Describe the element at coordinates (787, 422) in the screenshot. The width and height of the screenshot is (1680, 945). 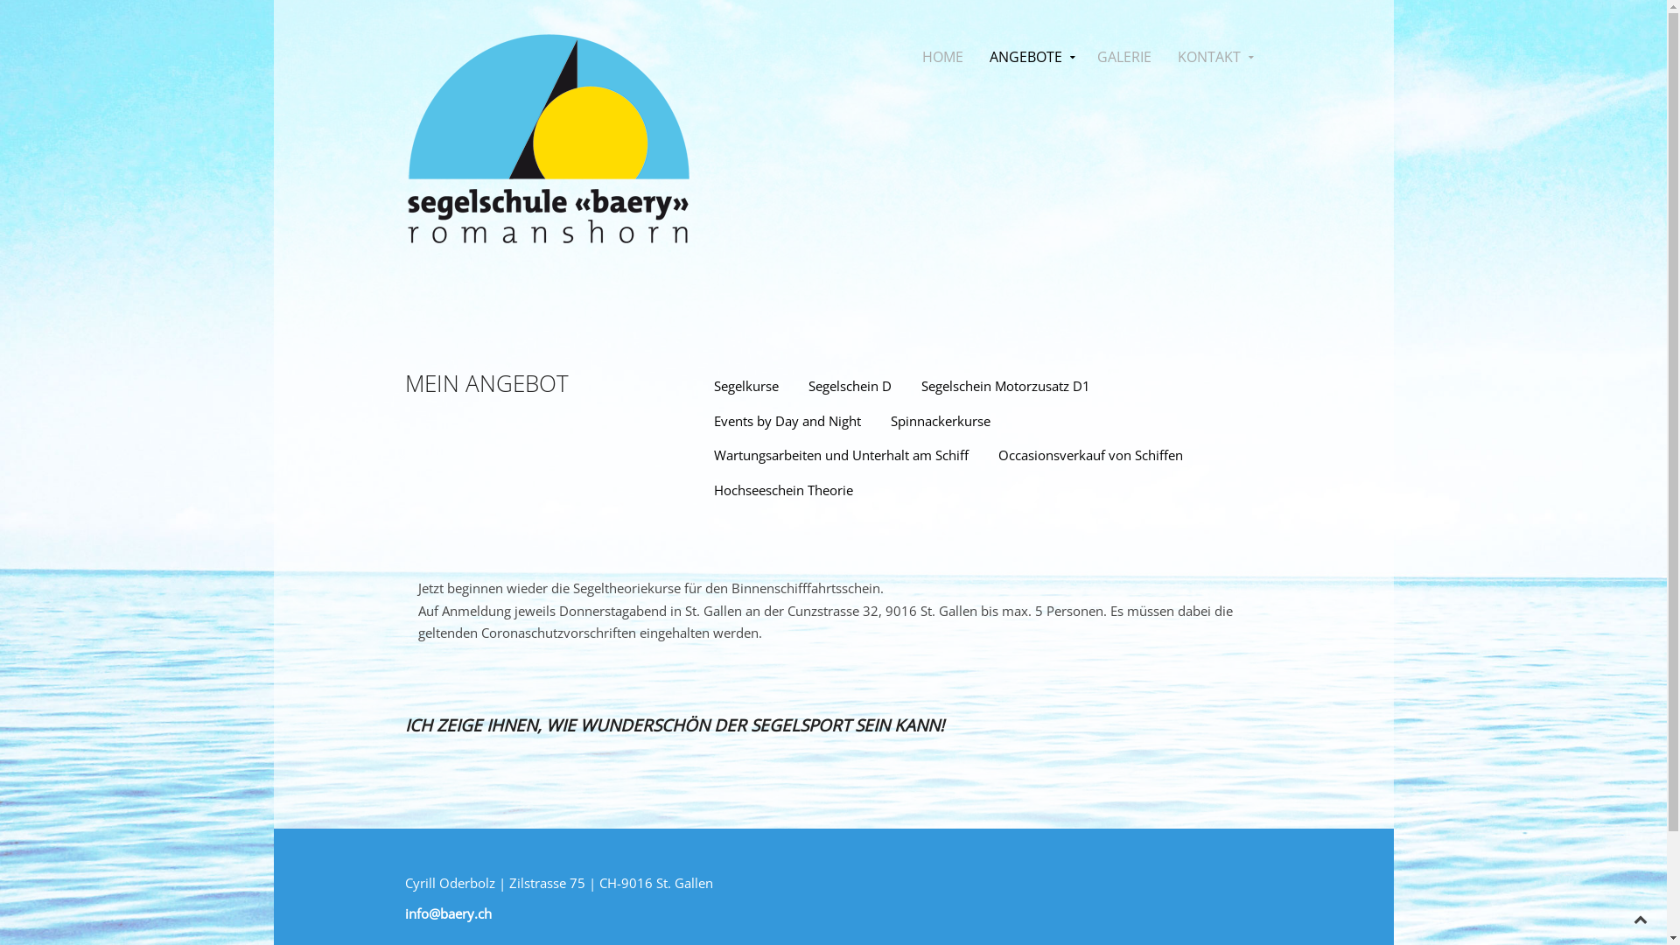
I see `'Events by Day and Night'` at that location.